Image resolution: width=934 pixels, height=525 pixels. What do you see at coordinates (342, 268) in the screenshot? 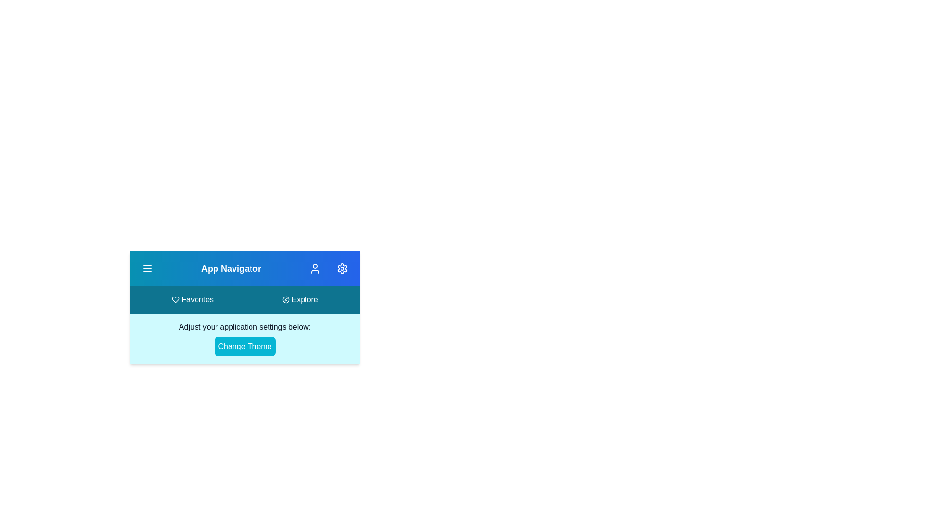
I see `the settings button icon located at the top-right corner of the navigation bar` at bounding box center [342, 268].